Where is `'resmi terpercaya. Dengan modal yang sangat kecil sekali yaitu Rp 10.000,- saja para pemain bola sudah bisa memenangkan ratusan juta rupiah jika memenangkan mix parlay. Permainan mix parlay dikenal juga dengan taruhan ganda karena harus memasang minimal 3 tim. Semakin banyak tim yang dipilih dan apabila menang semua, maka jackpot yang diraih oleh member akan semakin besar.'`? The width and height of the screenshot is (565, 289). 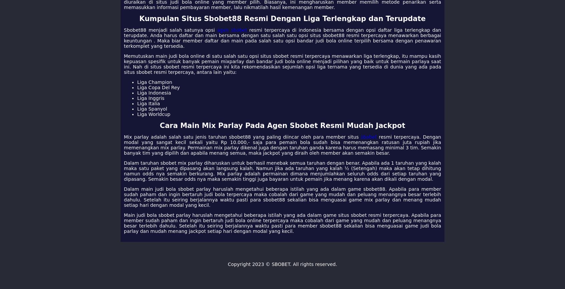
'resmi terpercaya. Dengan modal yang sangat kecil sekali yaitu Rp 10.000,- saja para pemain bola sudah bisa memenangkan ratusan juta rupiah jika memenangkan mix parlay. Permainan mix parlay dikenal juga dengan taruhan ganda karena harus memasang minimal 3 tim. Semakin banyak tim yang dipilih dan apabila menang semua, maka jackpot yang diraih oleh member akan semakin besar.' is located at coordinates (282, 144).